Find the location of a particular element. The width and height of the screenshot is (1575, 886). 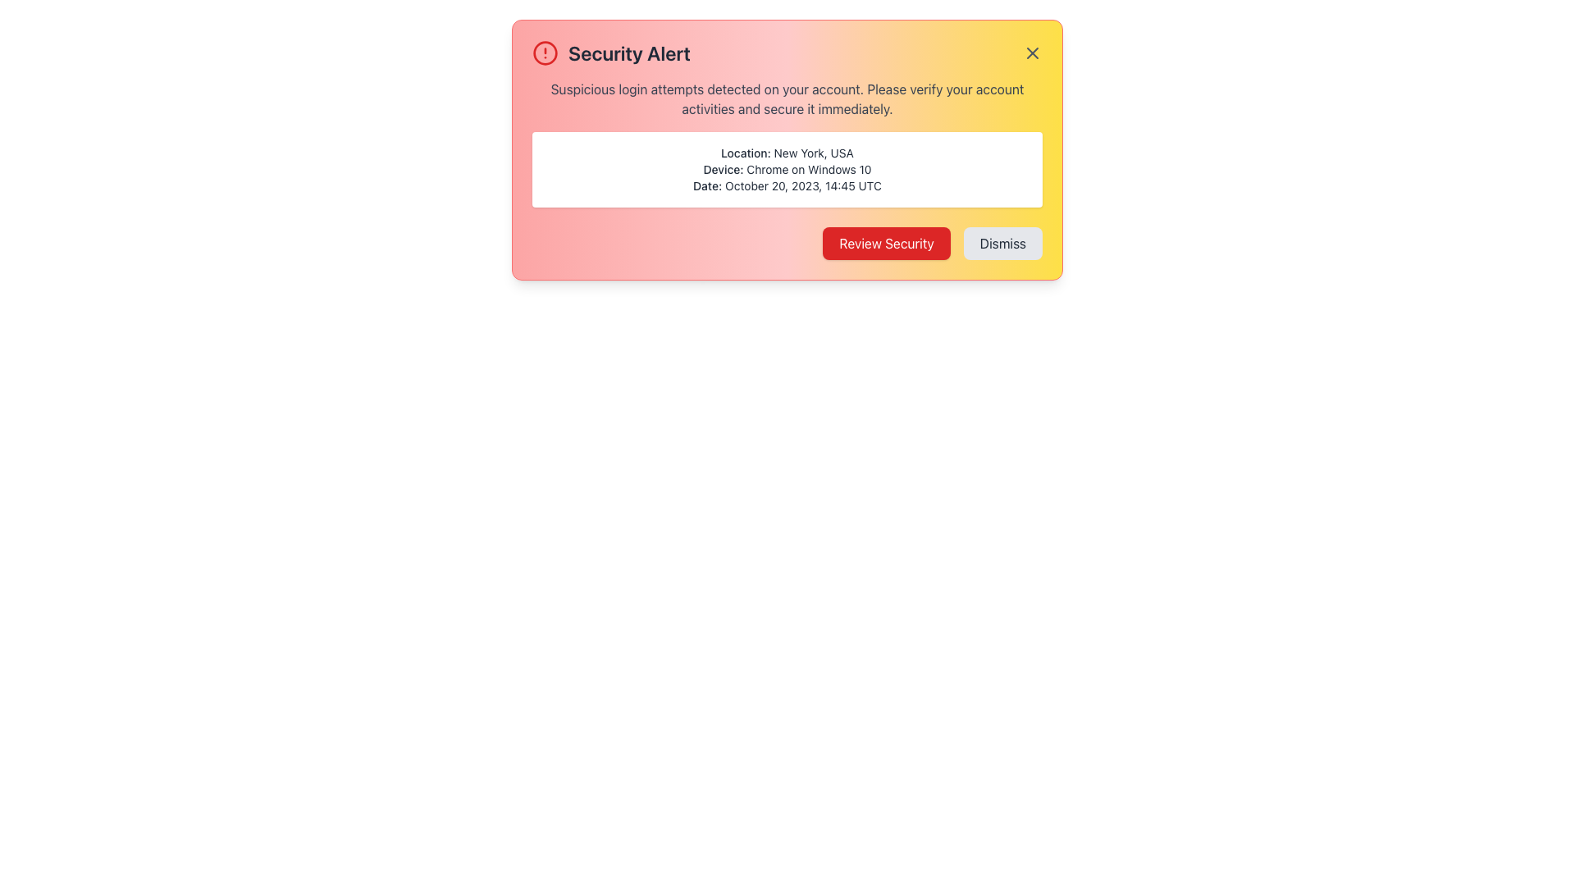

the label that introduces the location information, which displays 'Location: New York, USA' in the security alert dialog box is located at coordinates (745, 153).